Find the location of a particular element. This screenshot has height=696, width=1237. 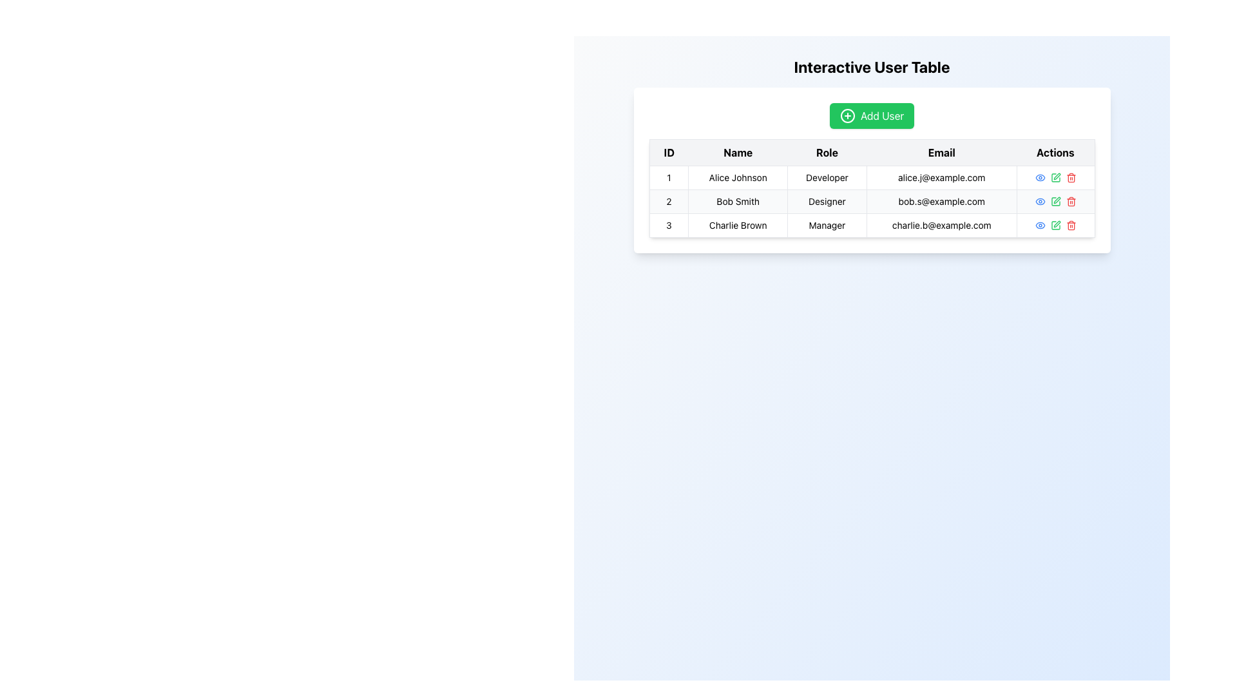

the first cell (ID) of the second row in the table is located at coordinates (669, 201).